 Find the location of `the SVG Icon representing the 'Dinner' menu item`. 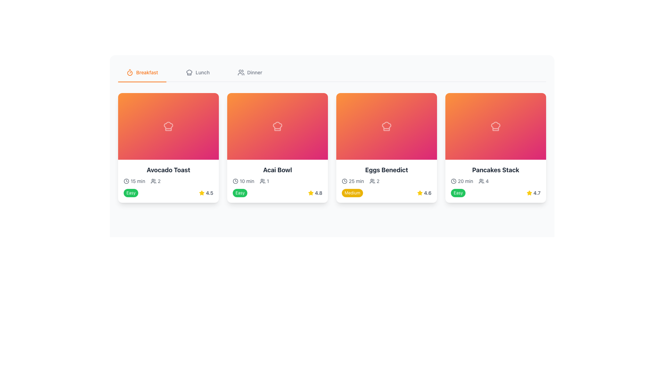

the SVG Icon representing the 'Dinner' menu item is located at coordinates (241, 72).